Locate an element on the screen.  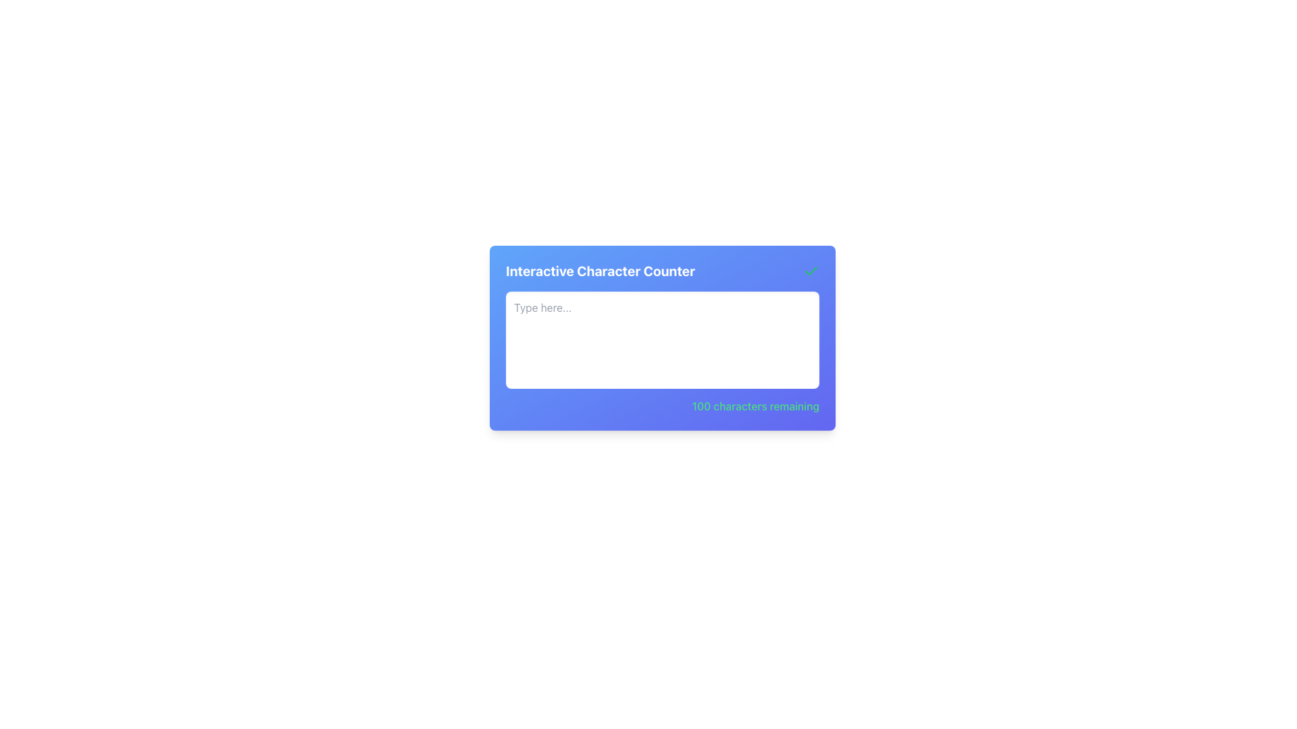
the checkmark symbol with a thin green stroke located in the top-right corner of the 'Interactive Character Counter' purple card interface is located at coordinates (811, 271).